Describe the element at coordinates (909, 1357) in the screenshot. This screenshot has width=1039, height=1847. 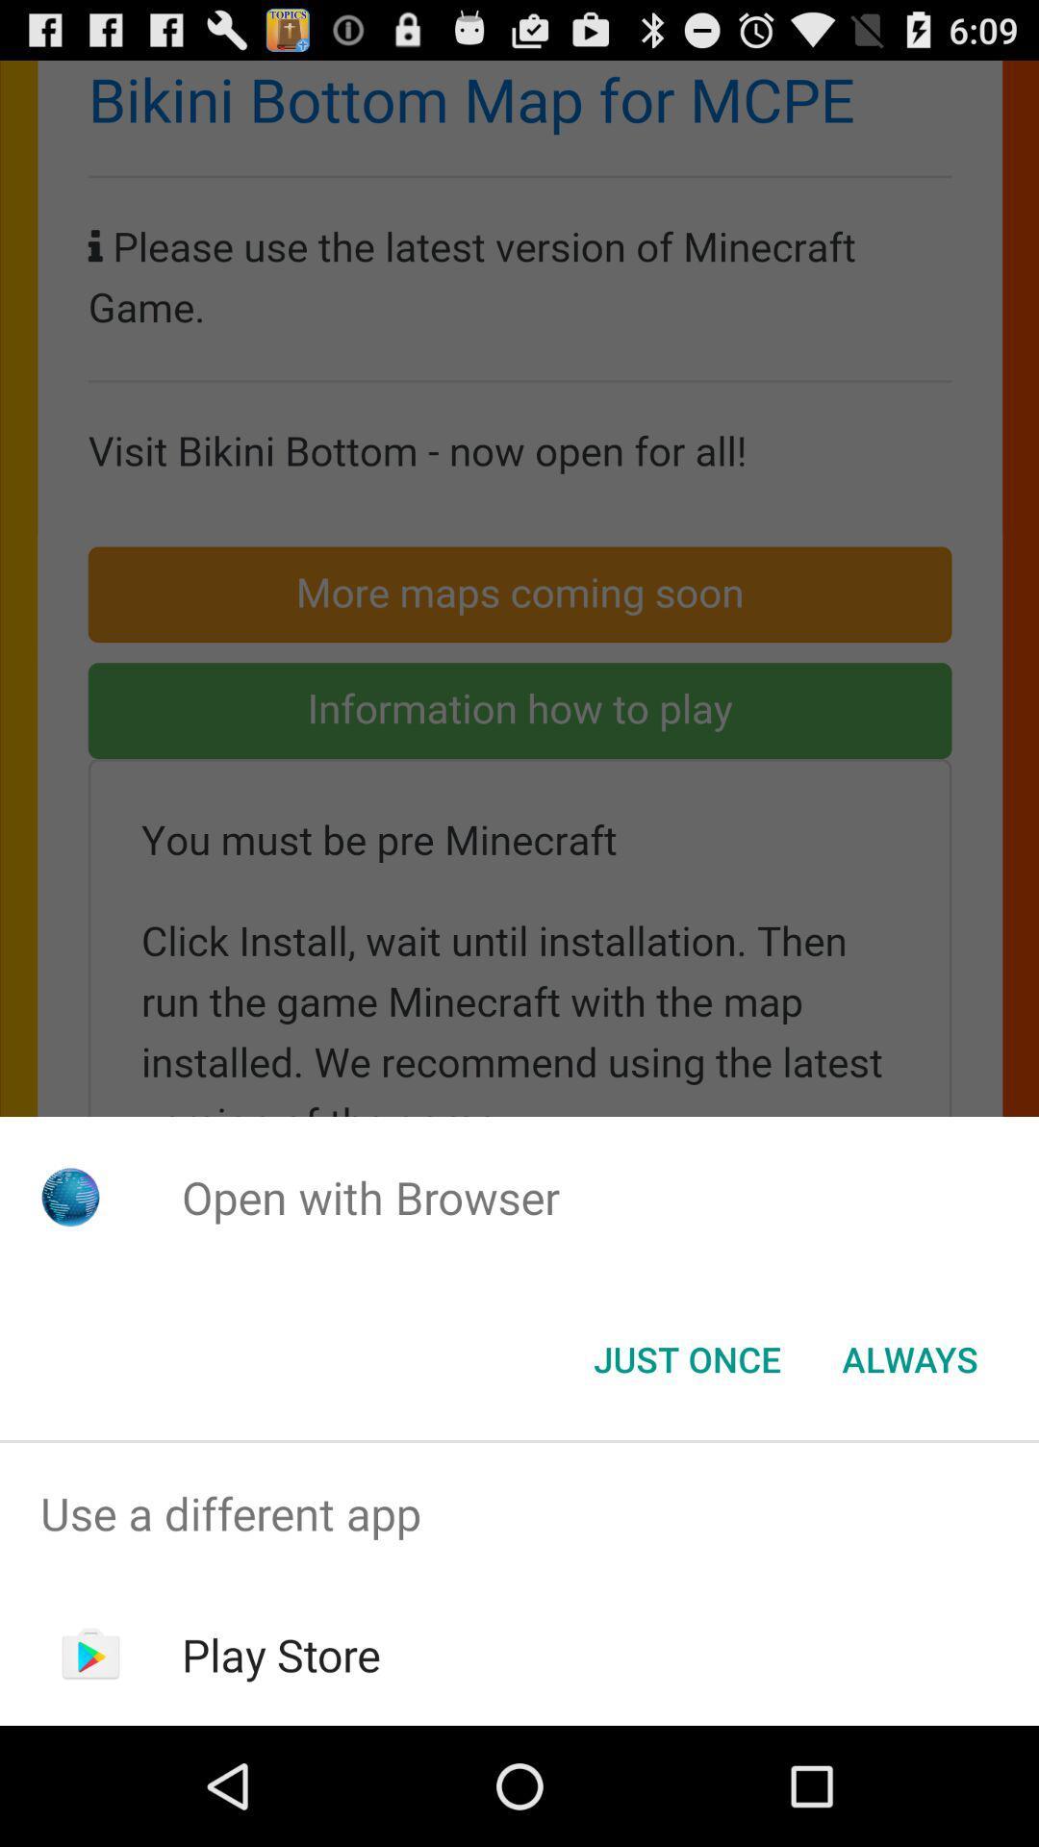
I see `always at the bottom right corner` at that location.